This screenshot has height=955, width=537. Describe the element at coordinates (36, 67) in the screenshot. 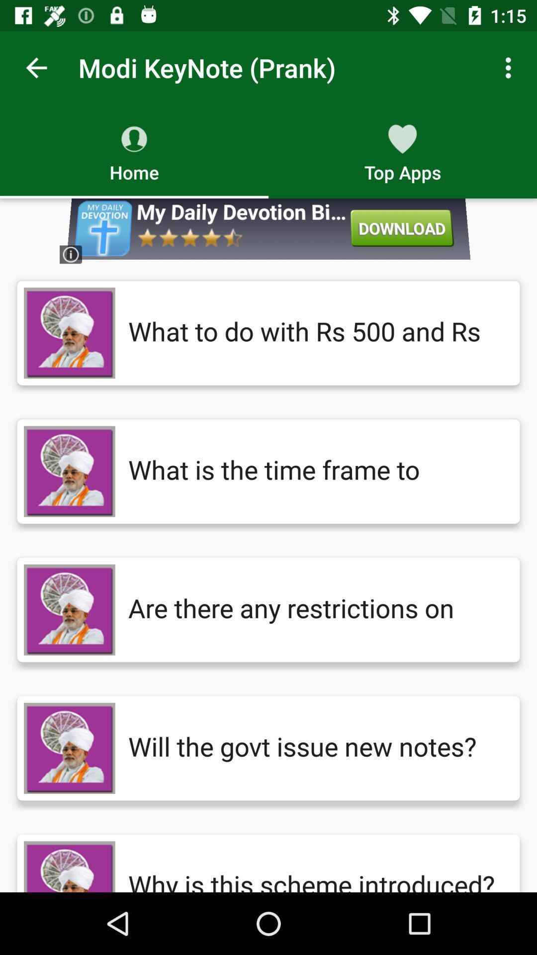

I see `the item next to the modi keynote (prank)` at that location.